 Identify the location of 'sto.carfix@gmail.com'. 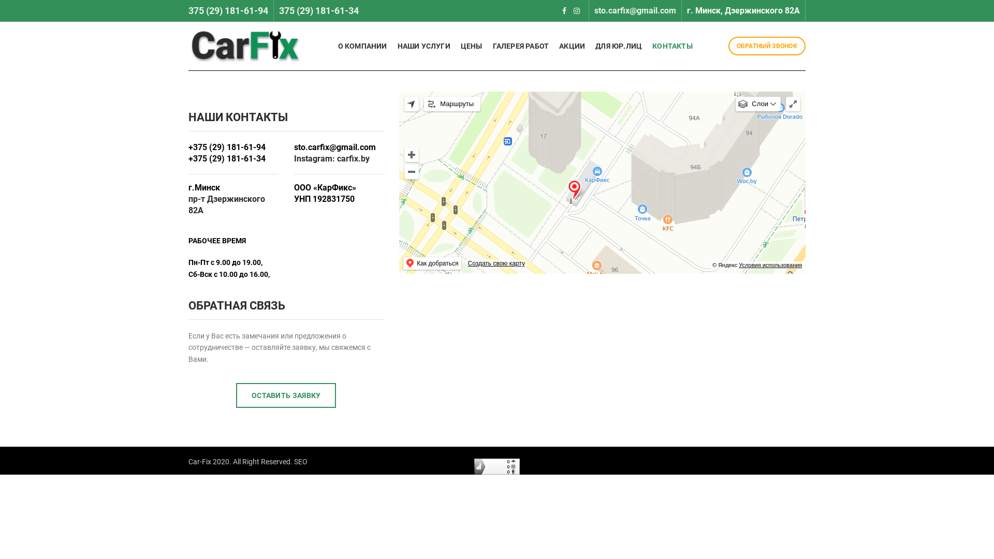
(635, 10).